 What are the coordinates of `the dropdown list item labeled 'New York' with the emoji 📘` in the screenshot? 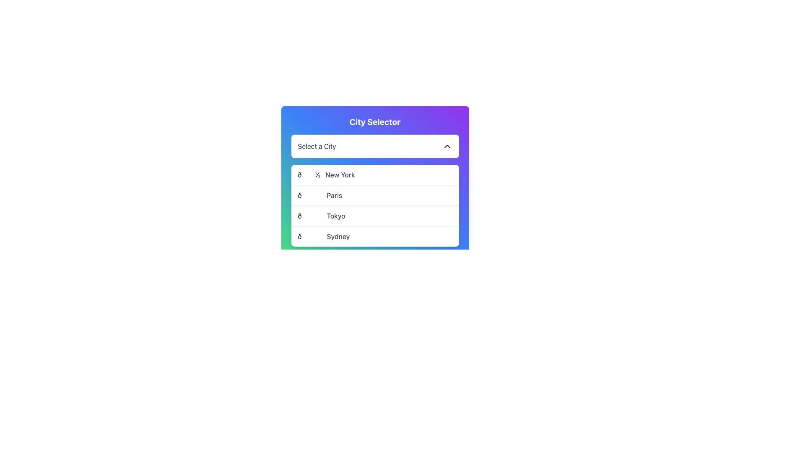 It's located at (374, 181).